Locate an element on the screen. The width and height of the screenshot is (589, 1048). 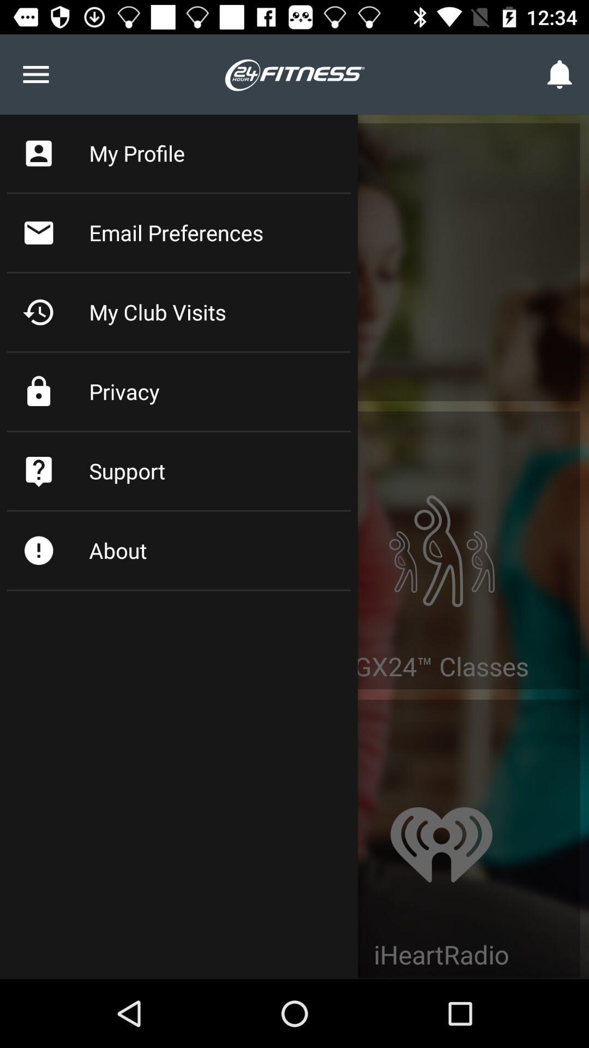
the text which is left to the bell icon is located at coordinates (294, 73).